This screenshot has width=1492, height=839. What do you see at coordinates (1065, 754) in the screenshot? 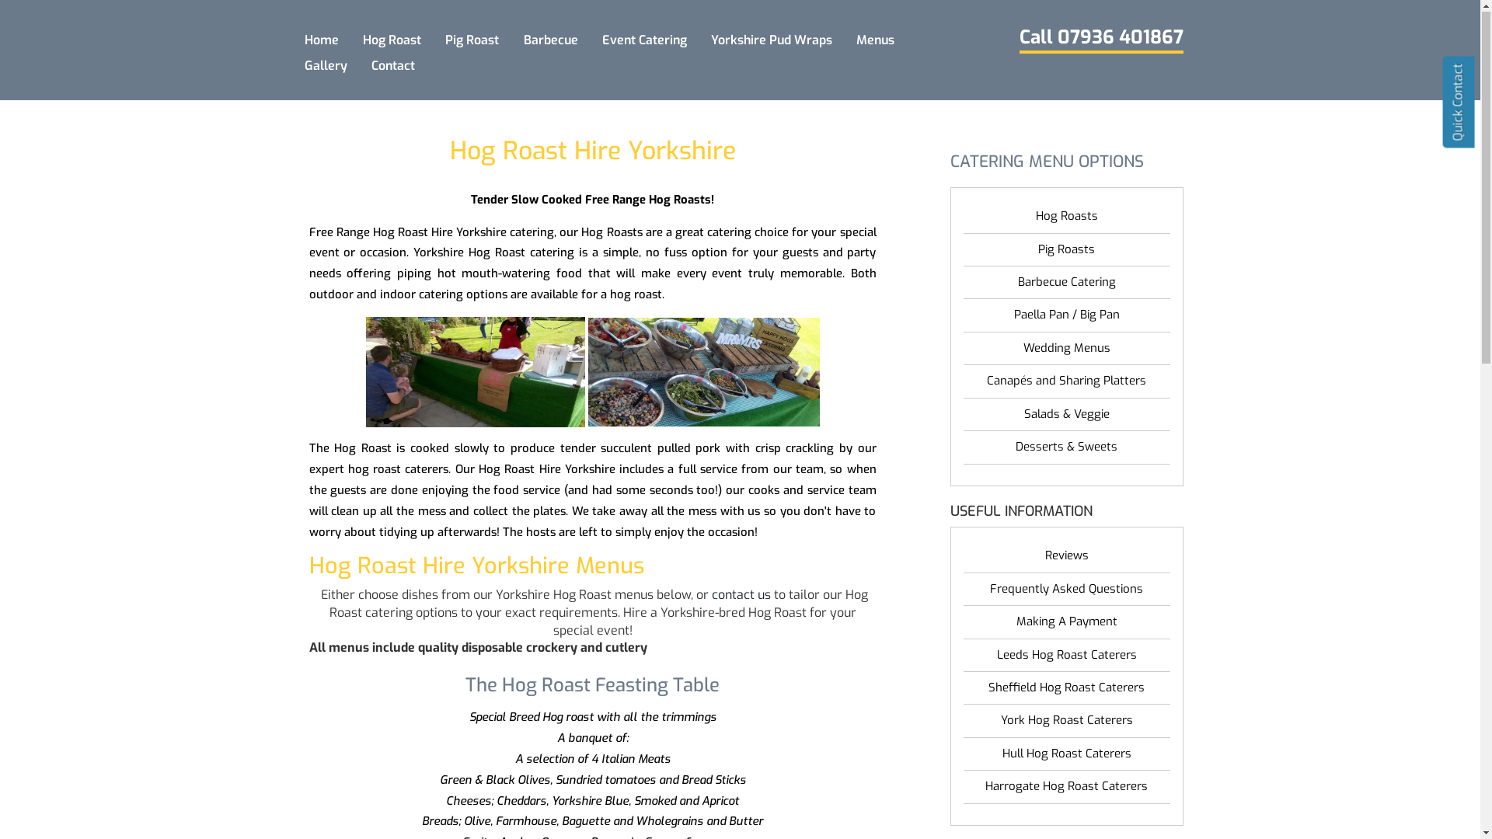
I see `'Hull Hog Roast Caterers'` at bounding box center [1065, 754].